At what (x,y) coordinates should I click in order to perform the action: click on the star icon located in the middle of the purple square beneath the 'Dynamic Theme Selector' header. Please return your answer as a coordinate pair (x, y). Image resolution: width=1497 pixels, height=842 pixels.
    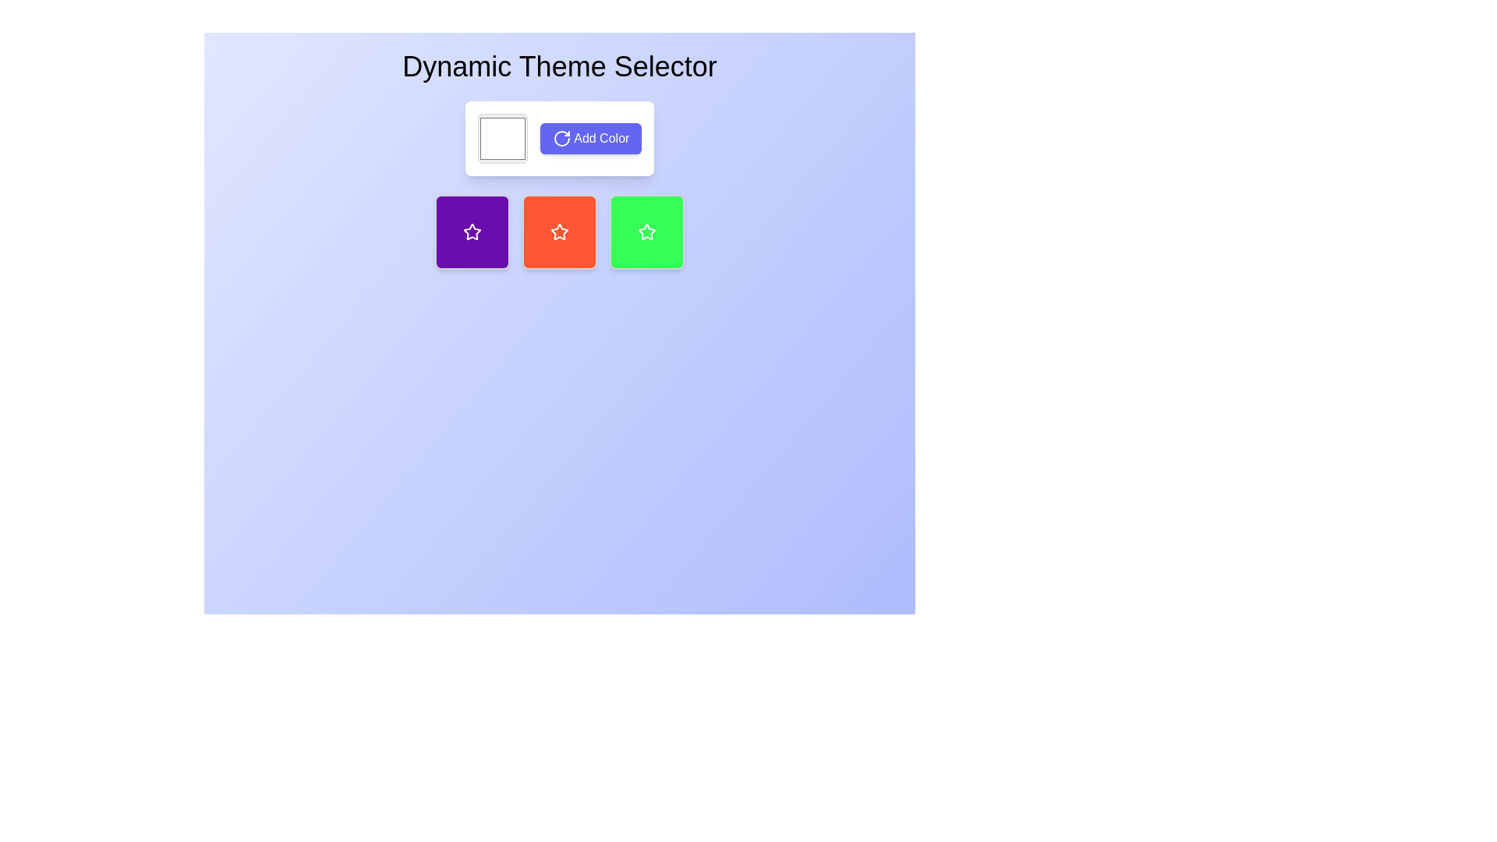
    Looking at the image, I should click on (471, 232).